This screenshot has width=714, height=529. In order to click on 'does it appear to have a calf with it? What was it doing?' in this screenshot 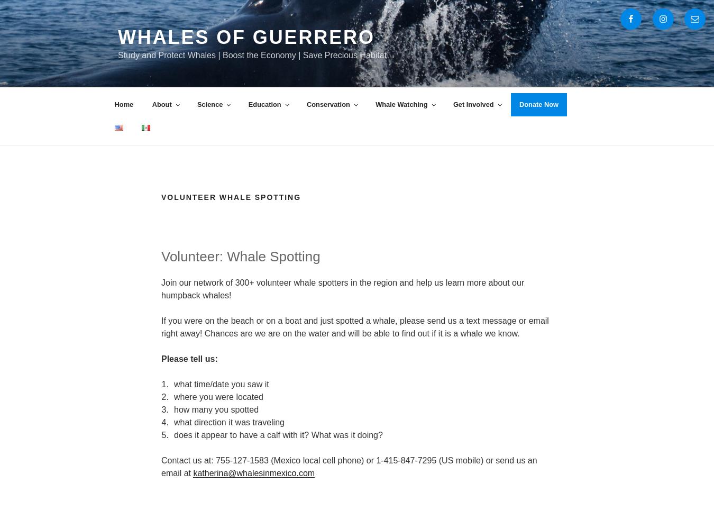, I will do `click(173, 434)`.